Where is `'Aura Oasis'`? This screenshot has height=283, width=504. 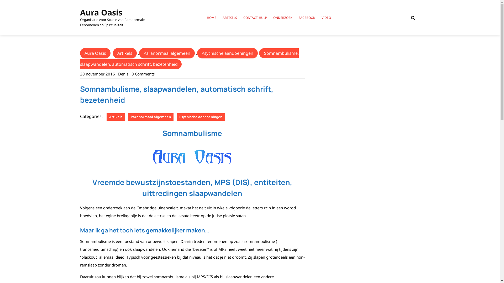
'Aura Oasis' is located at coordinates (79, 12).